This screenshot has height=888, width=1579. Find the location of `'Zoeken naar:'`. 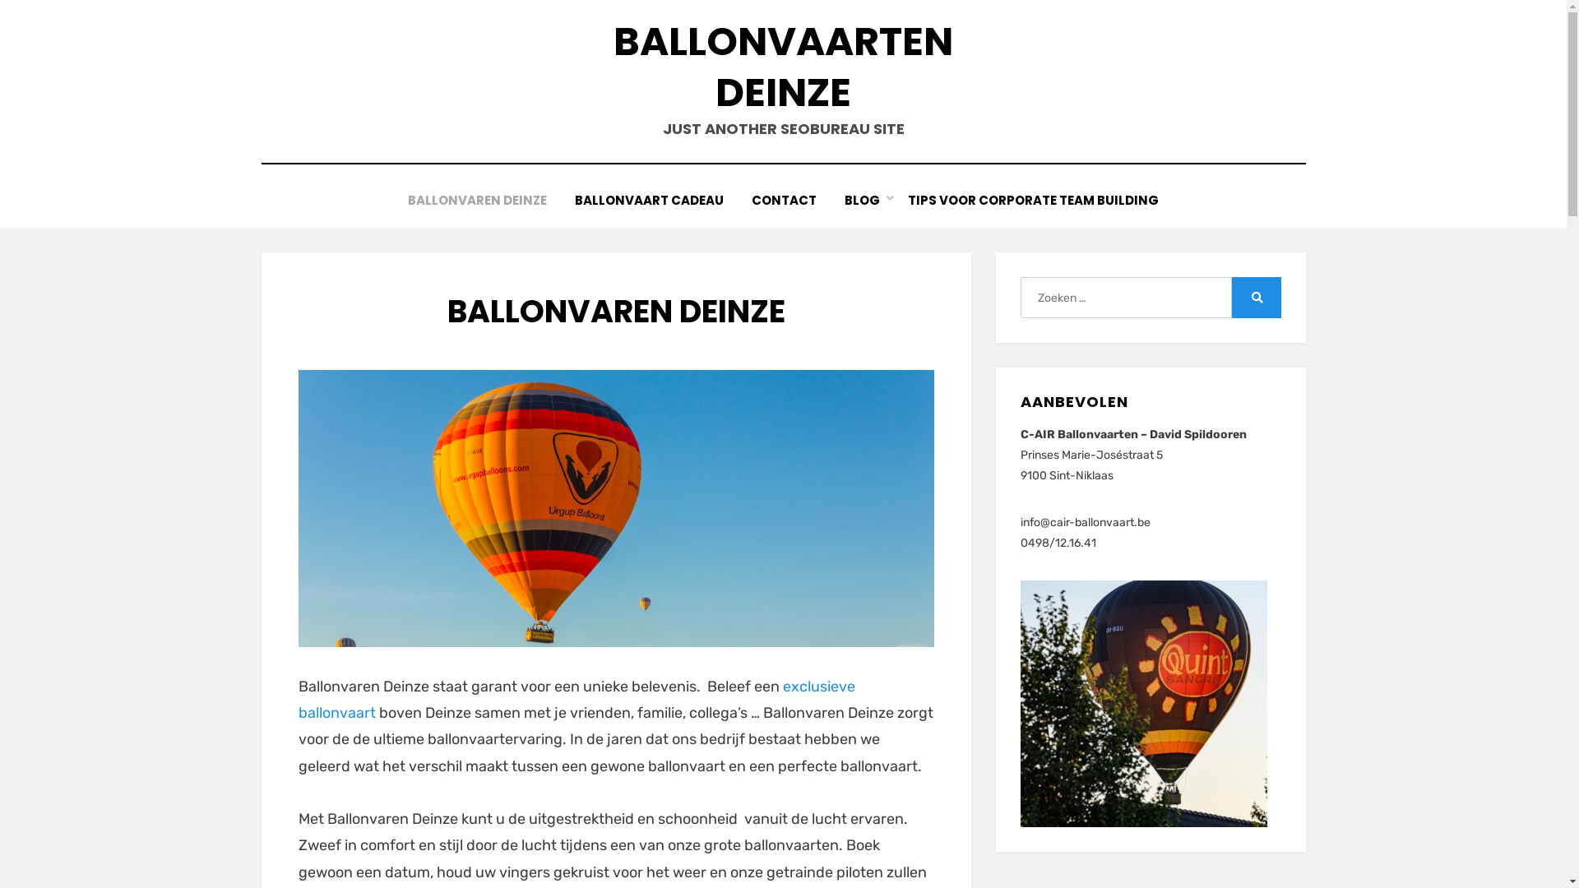

'Zoeken naar:' is located at coordinates (1124, 298).